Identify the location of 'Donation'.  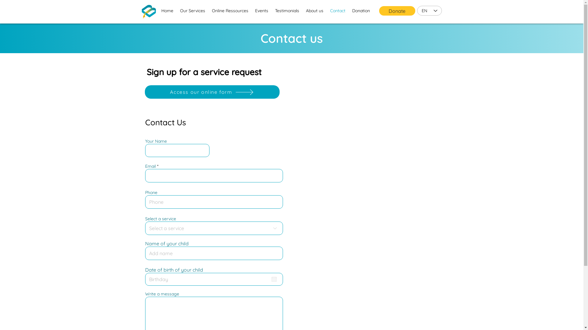
(348, 10).